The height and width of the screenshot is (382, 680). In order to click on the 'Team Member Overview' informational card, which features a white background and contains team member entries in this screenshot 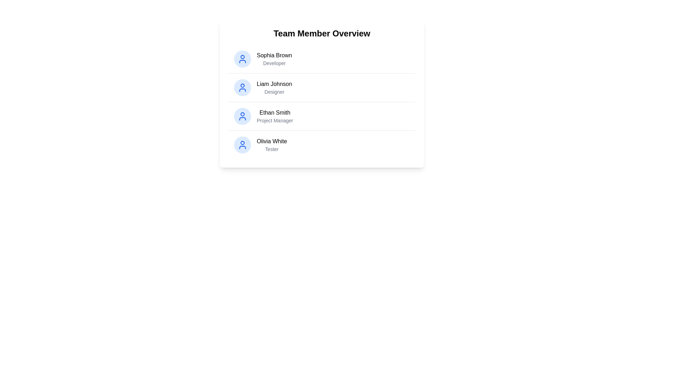, I will do `click(321, 93)`.